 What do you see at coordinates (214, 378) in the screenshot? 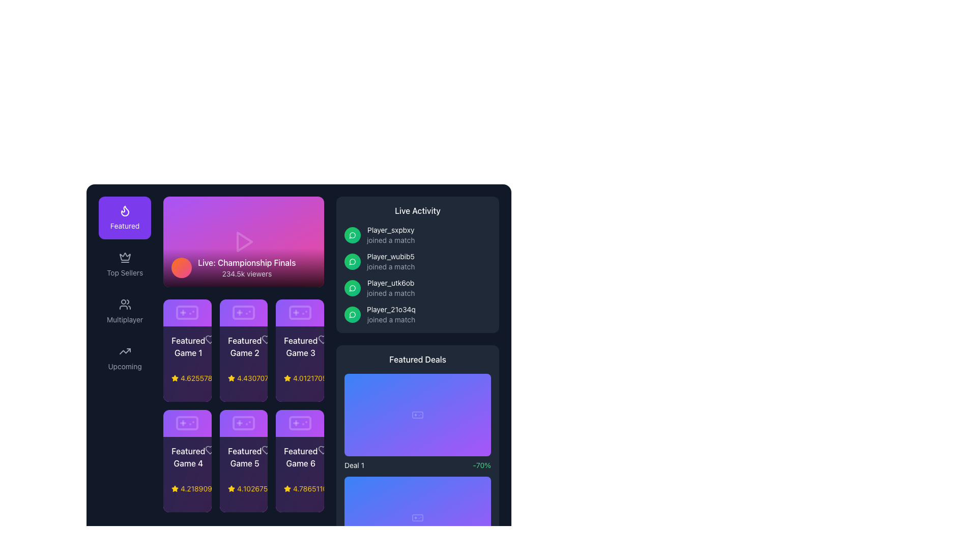
I see `the numeric rating text element located to the right of the star icon in the rating component for 'Featured Game 1'` at bounding box center [214, 378].